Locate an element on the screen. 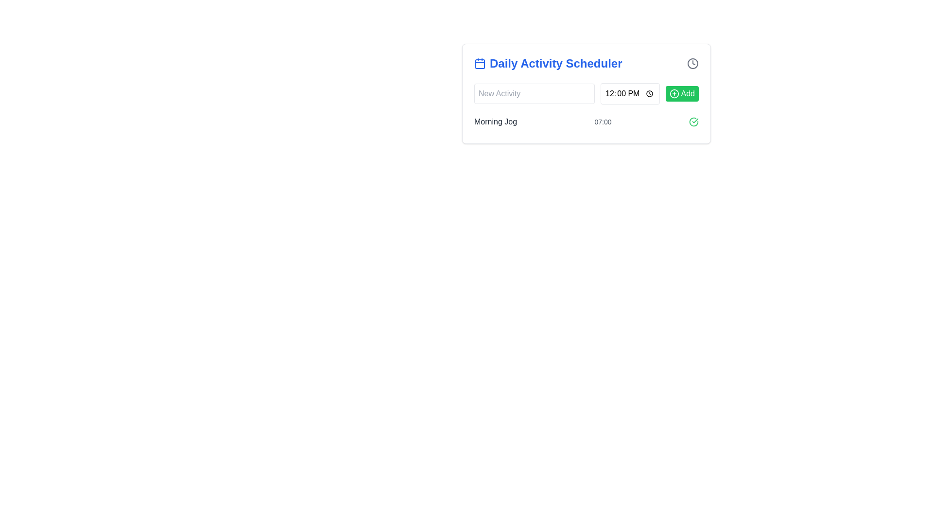 The height and width of the screenshot is (525, 933). the SVG circle element that forms part of the clock icon in the top right corner of the 'Daily Activity Scheduler' interface is located at coordinates (692, 64).